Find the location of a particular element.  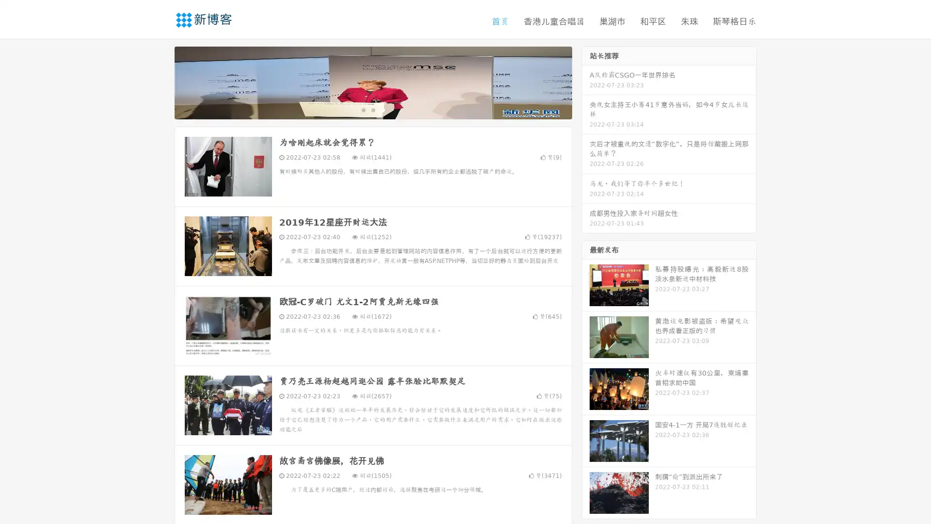

Go to slide 2 is located at coordinates (372, 109).